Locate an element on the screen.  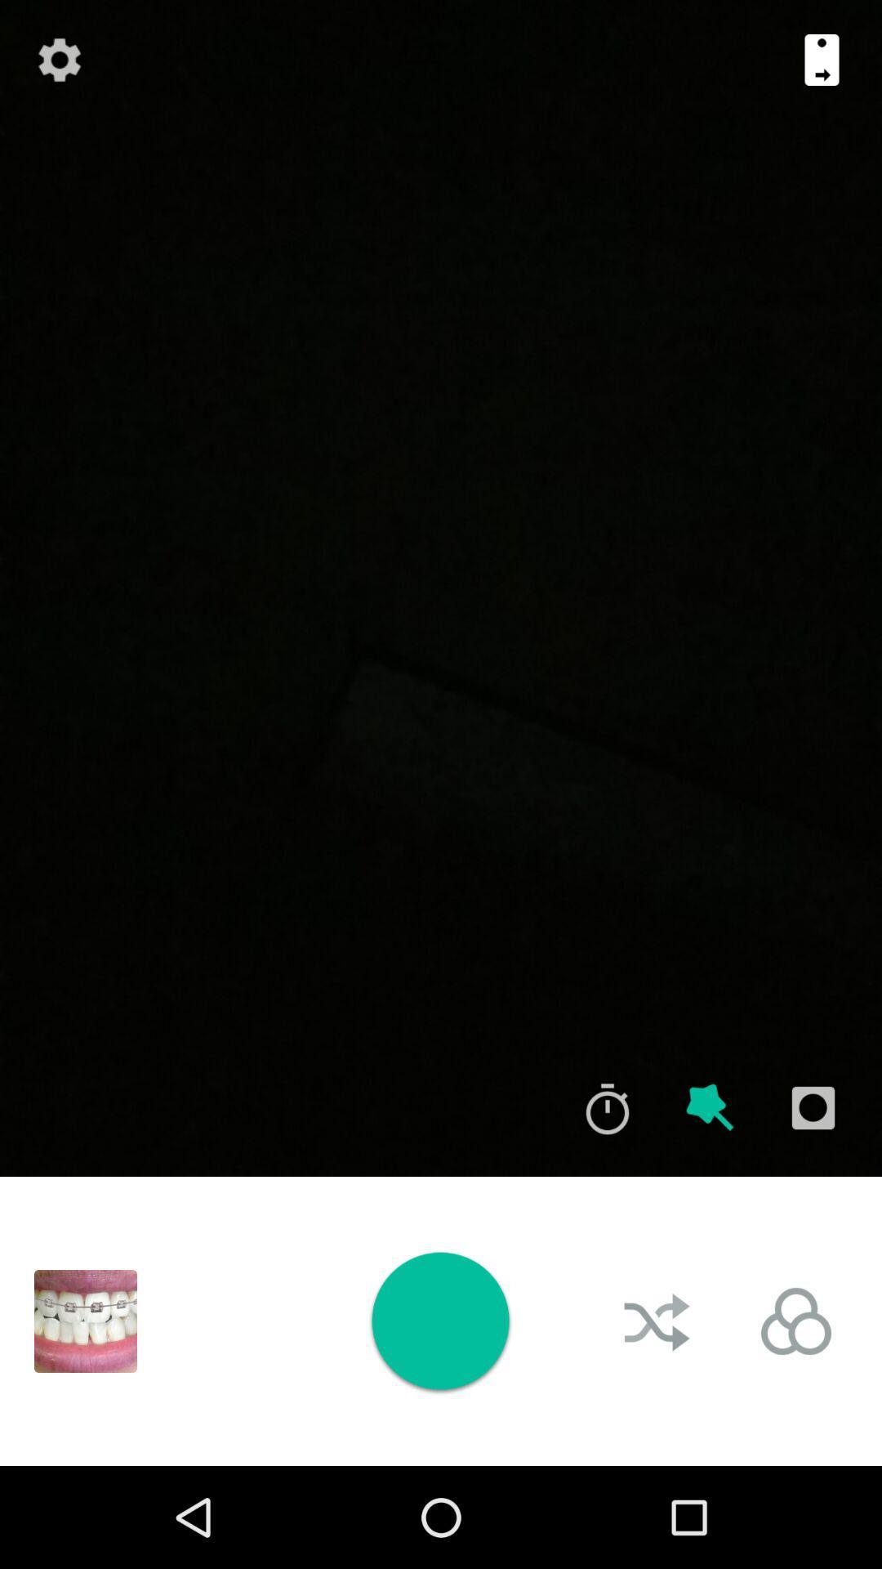
the settings icon is located at coordinates (59, 64).